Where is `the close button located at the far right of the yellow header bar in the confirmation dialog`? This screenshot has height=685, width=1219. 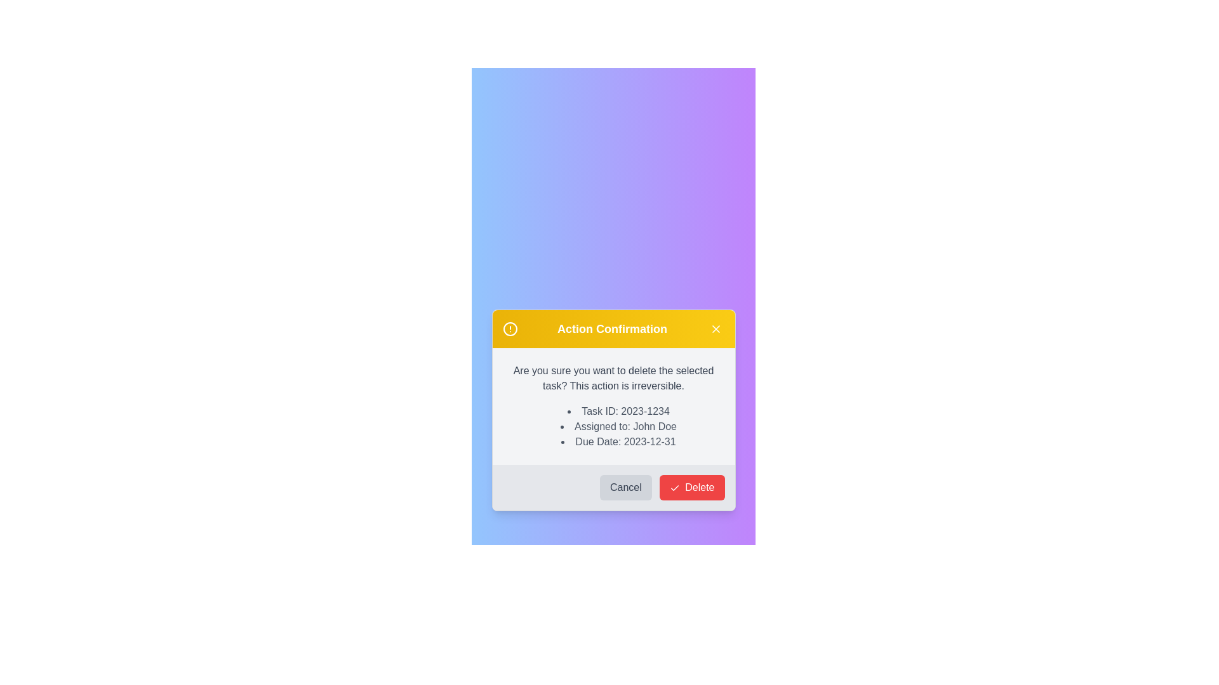 the close button located at the far right of the yellow header bar in the confirmation dialog is located at coordinates (716, 329).